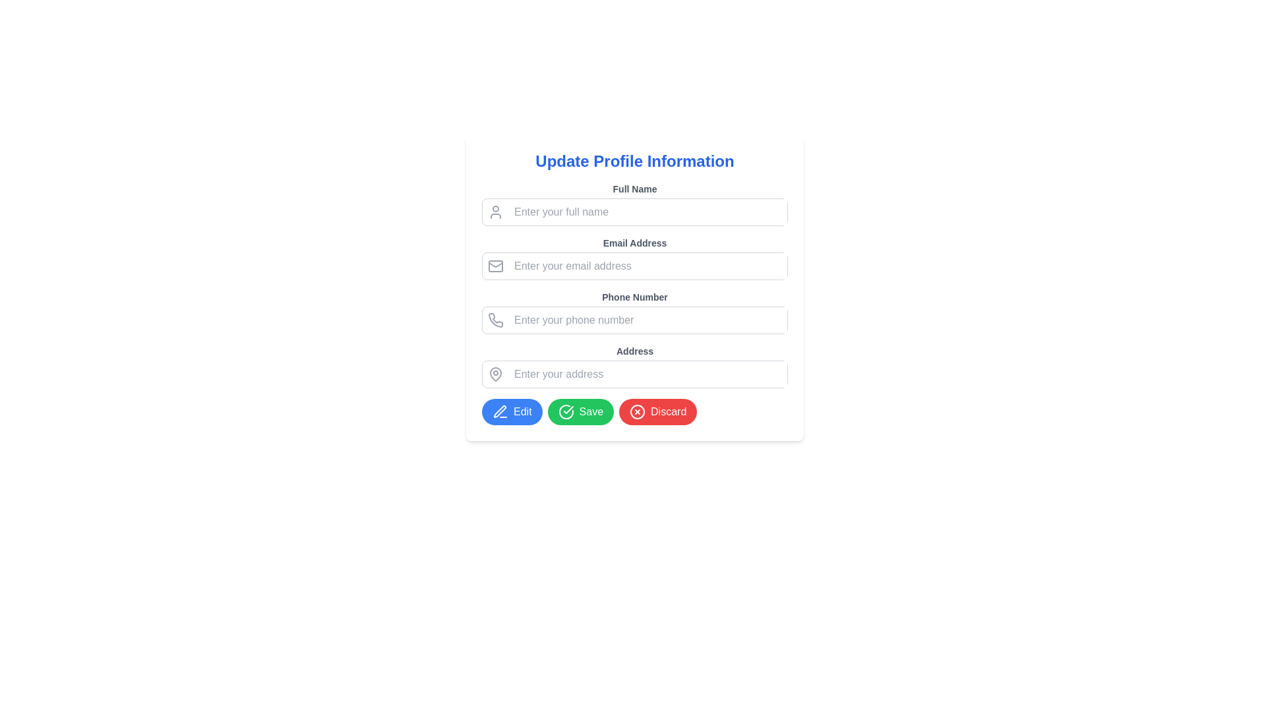  What do you see at coordinates (635, 350) in the screenshot?
I see `the Text label that indicates the expected input for the address field, which is positioned above the corresponding input field and aligned with other form elements like 'Full Name' and 'Phone Number'` at bounding box center [635, 350].